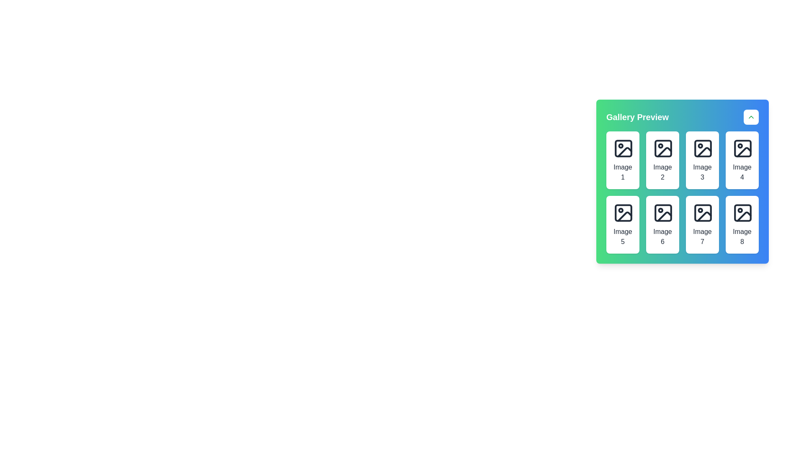 Image resolution: width=804 pixels, height=452 pixels. I want to click on rectangular visual component located in the upper-right corner of the fourth image card in the gallery grid for debugging purposes, so click(743, 148).